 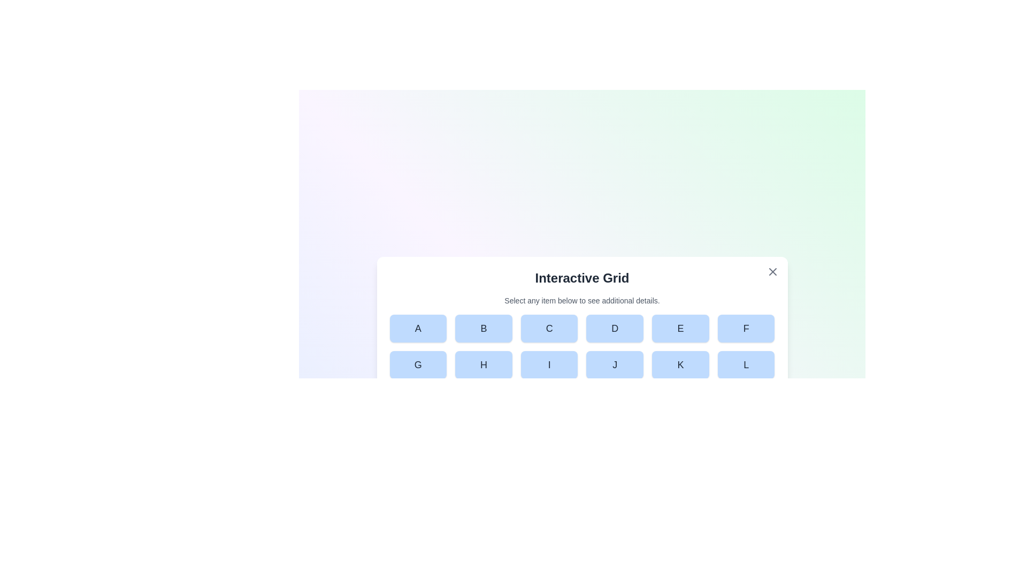 I want to click on the button labeled F in the grid, so click(x=746, y=328).